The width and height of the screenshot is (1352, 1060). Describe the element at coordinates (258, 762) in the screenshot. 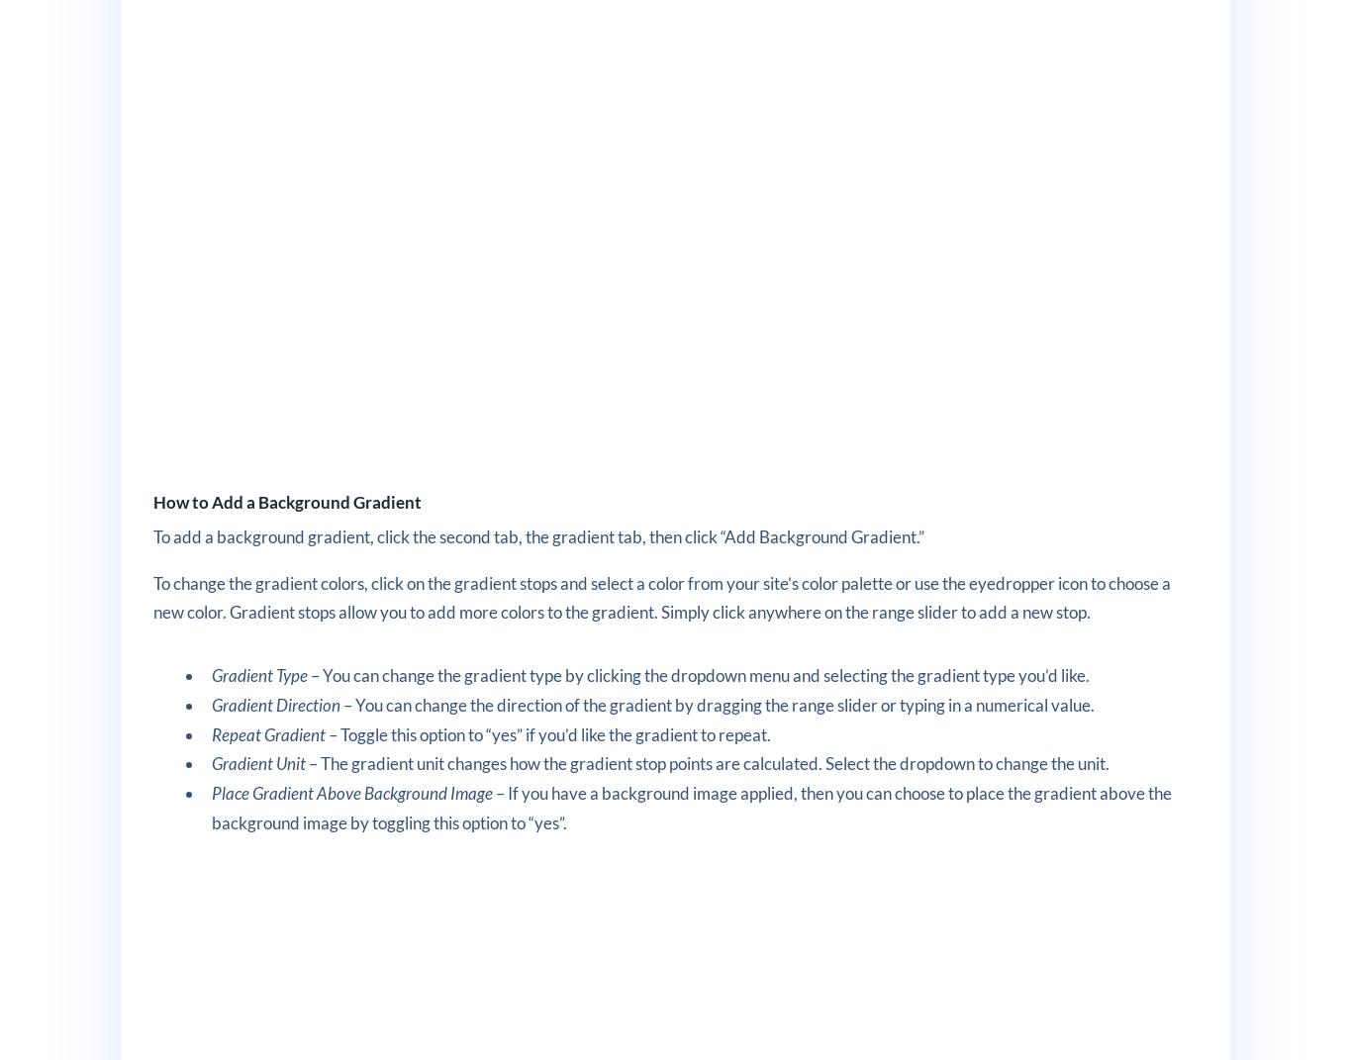

I see `'Gradient Unit'` at that location.